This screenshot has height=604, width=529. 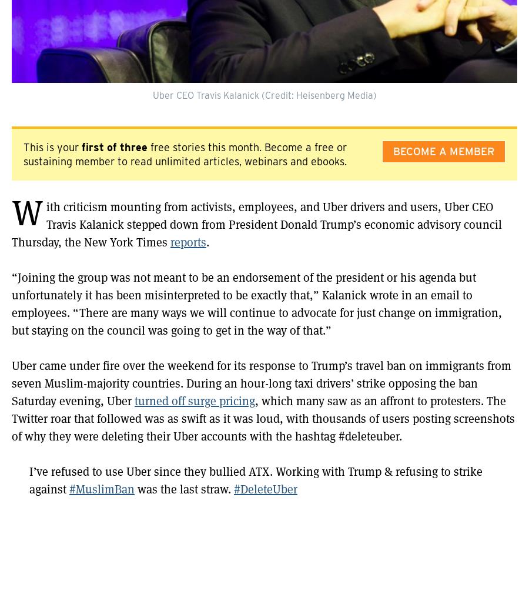 I want to click on 'Become A Member', so click(x=443, y=151).